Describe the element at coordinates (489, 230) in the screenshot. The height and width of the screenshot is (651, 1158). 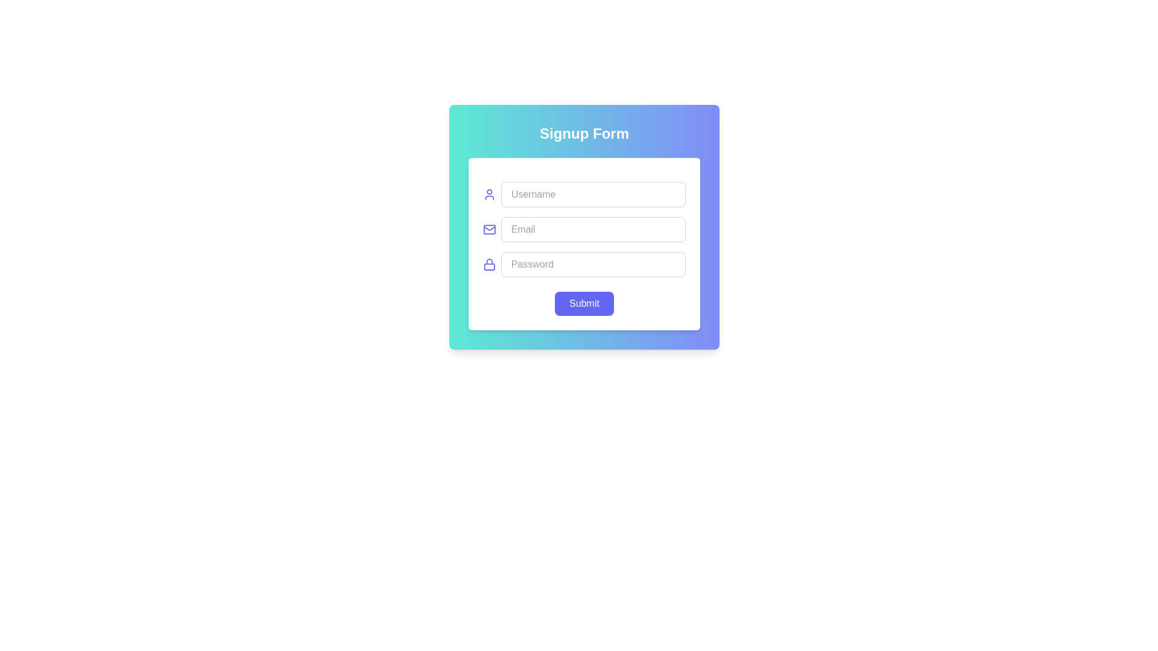
I see `the SVG-based mail envelope icon positioned next to the 'Email' input field, which has rounded corners and a transparent background` at that location.